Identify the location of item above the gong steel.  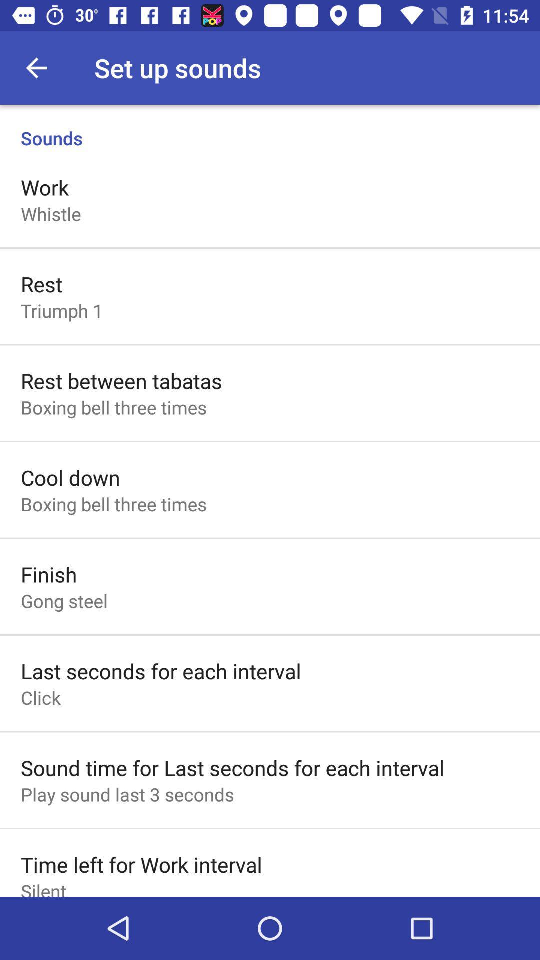
(49, 574).